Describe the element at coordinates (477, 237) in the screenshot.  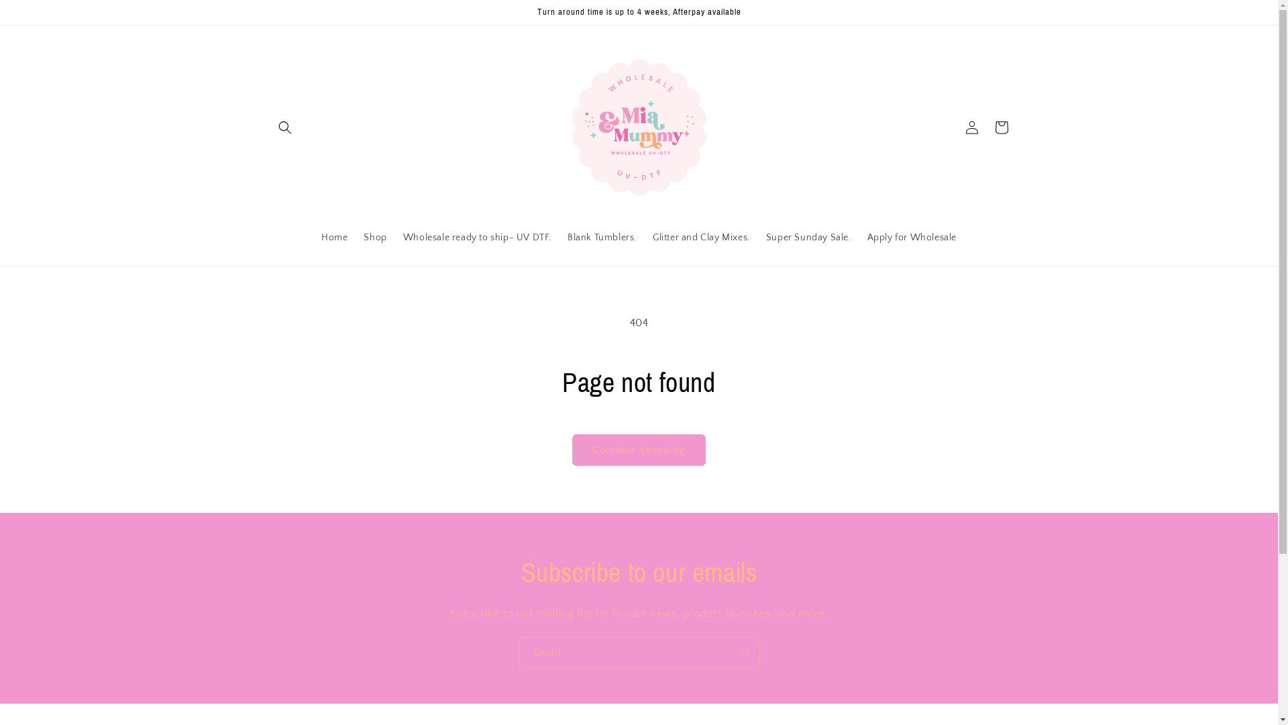
I see `'Wholesale ready to ship- UV DTF.'` at that location.